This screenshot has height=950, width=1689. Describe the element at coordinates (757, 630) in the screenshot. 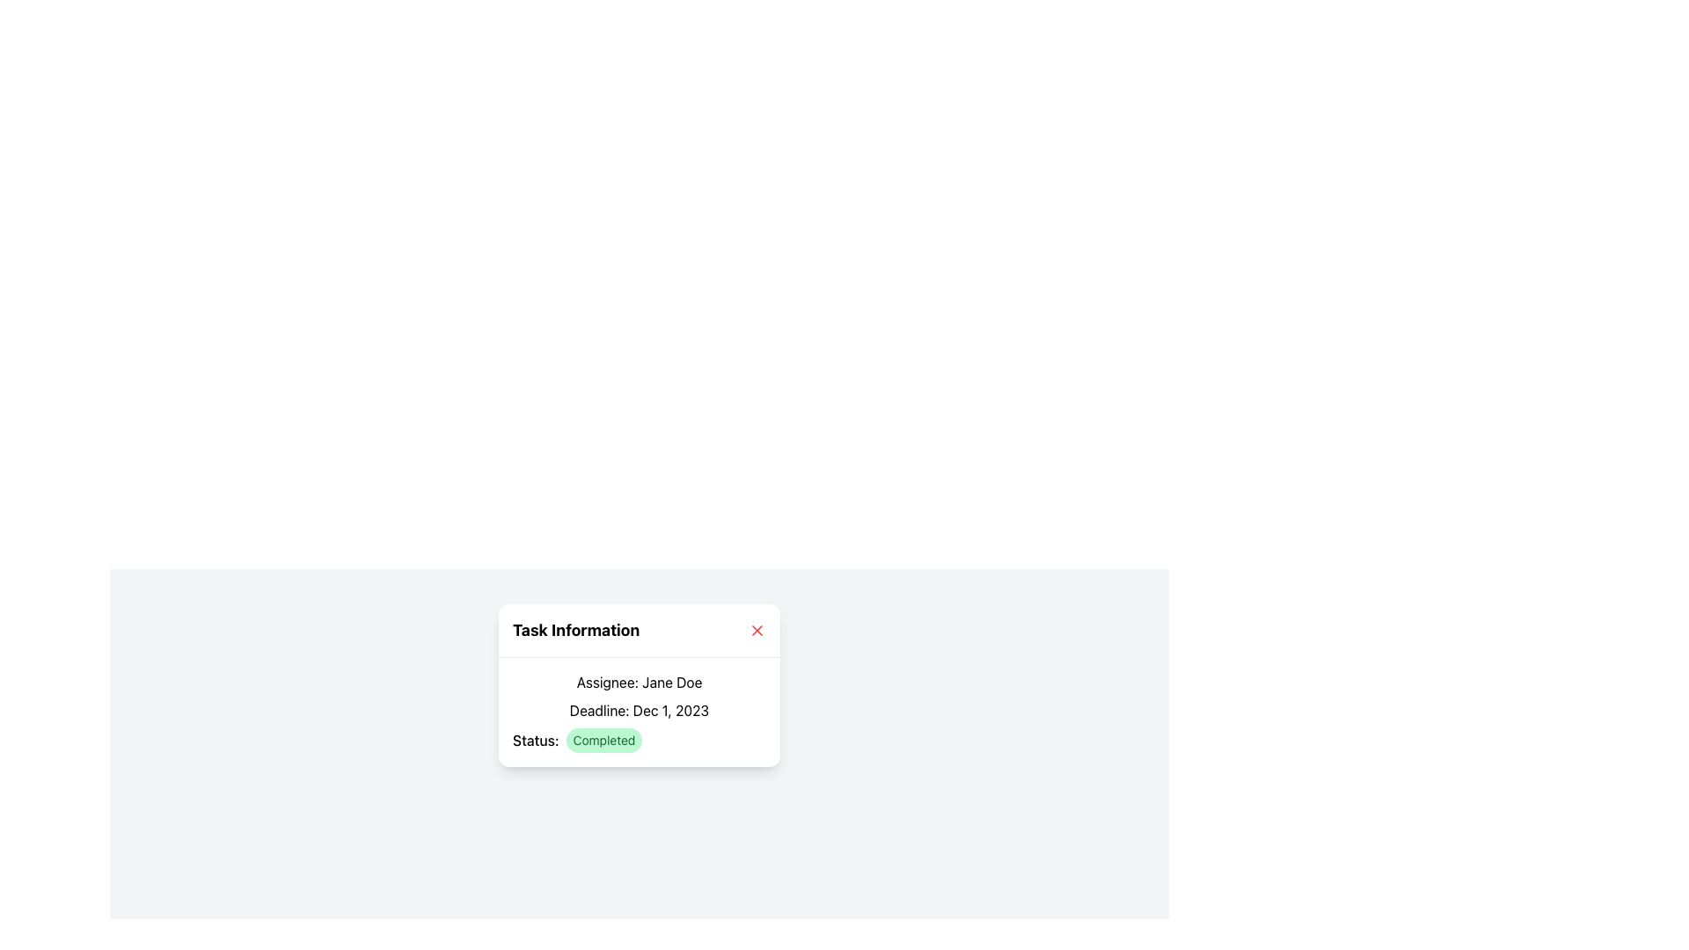

I see `the red cross icon in the top-right corner of the 'Task Information' card` at that location.